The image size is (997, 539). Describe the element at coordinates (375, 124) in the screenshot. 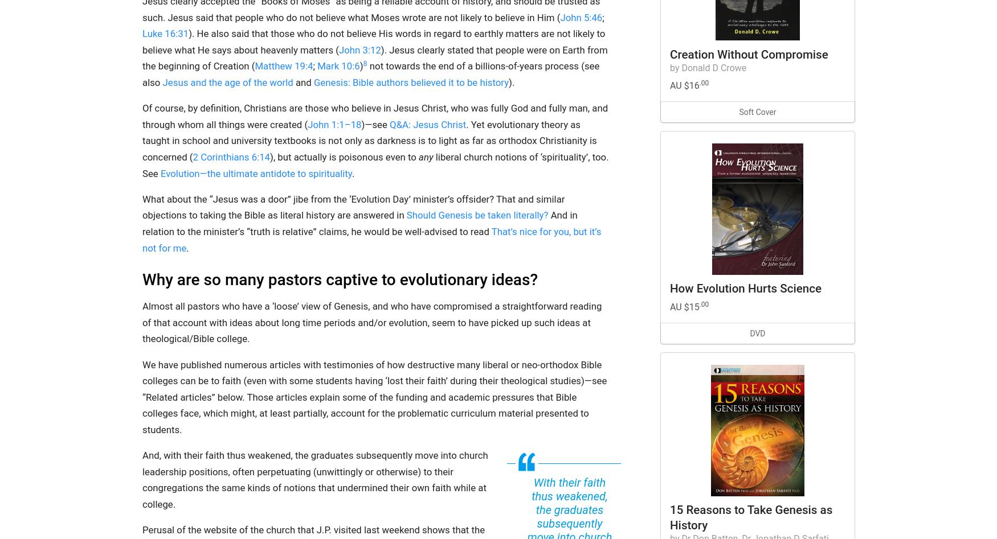

I see `')—see'` at that location.